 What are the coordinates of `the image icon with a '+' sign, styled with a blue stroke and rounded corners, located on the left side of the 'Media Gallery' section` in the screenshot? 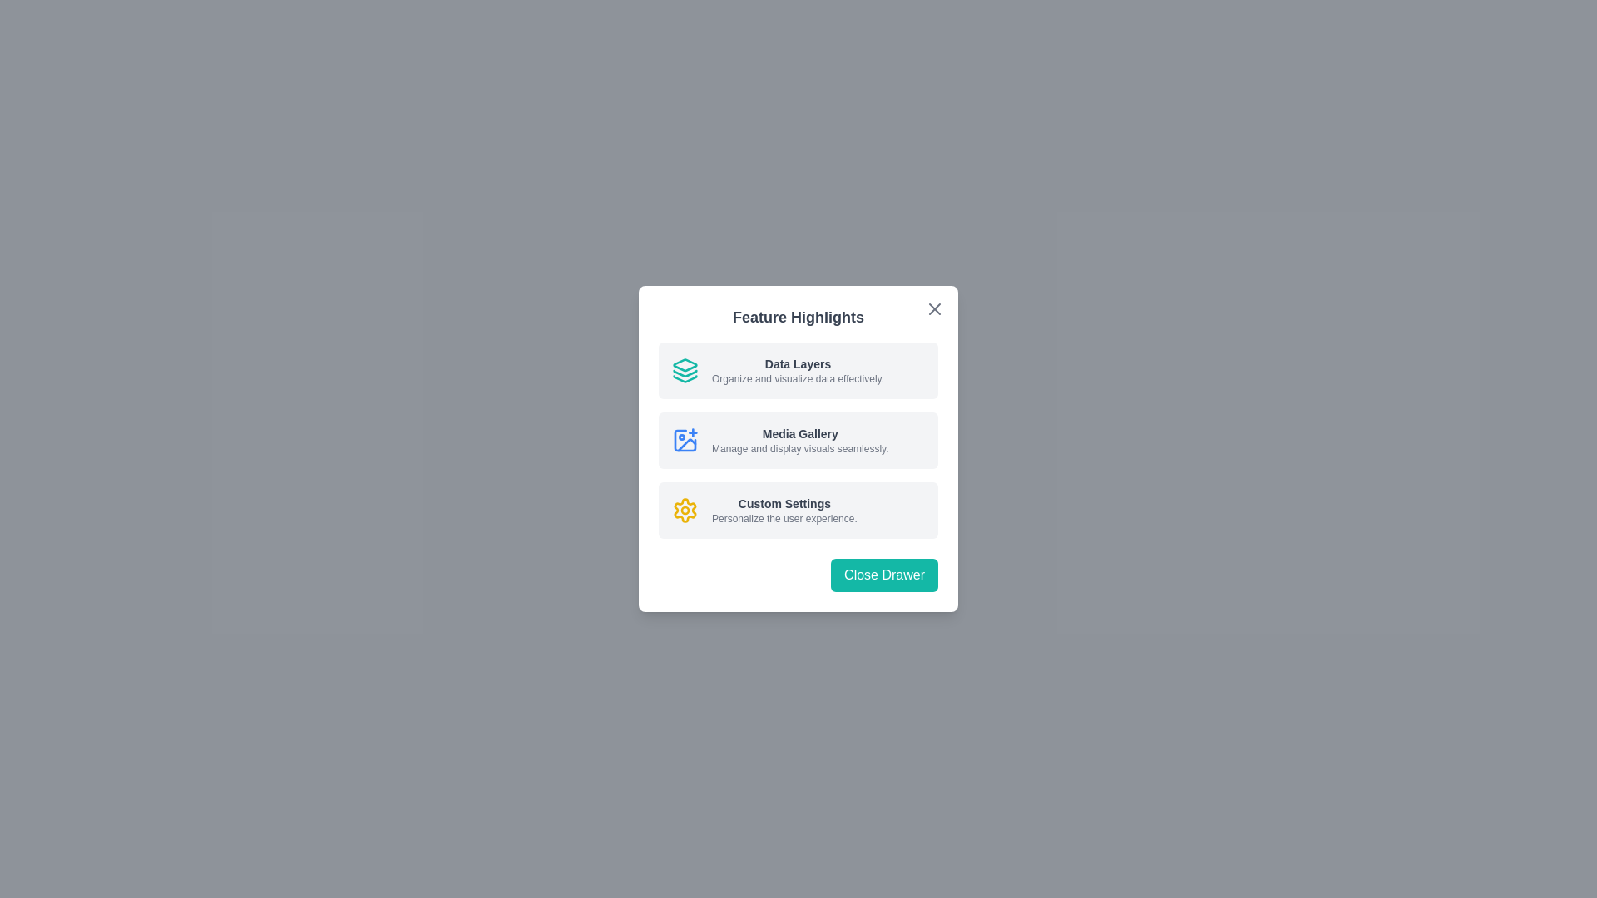 It's located at (685, 439).